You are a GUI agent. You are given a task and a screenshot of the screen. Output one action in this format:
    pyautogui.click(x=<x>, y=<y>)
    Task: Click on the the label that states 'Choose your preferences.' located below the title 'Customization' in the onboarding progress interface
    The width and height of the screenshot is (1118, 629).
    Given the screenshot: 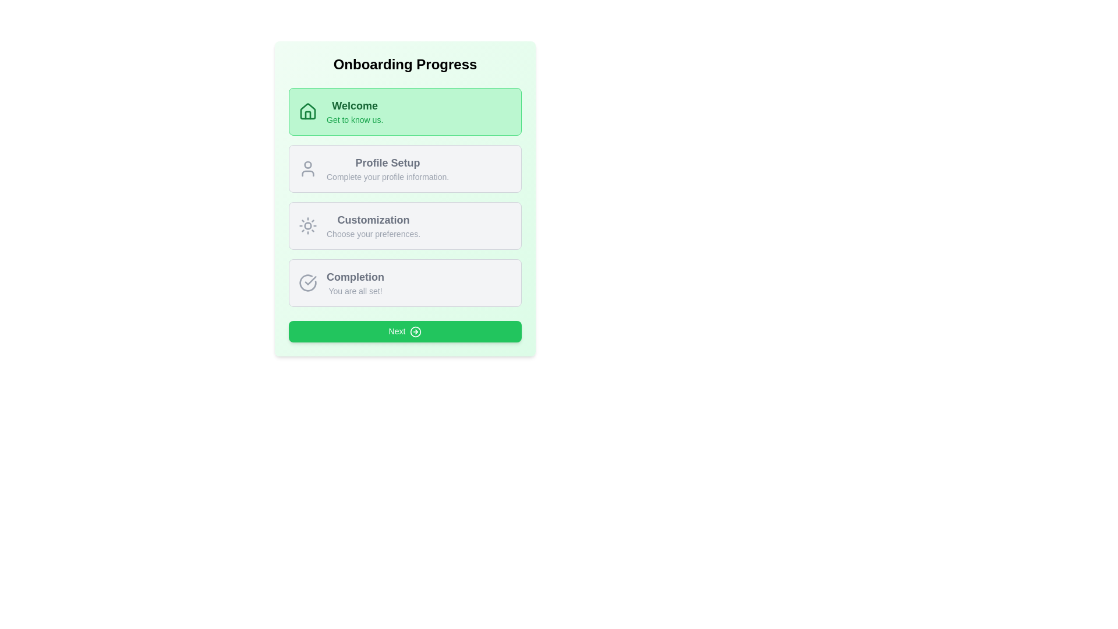 What is the action you would take?
    pyautogui.click(x=373, y=234)
    